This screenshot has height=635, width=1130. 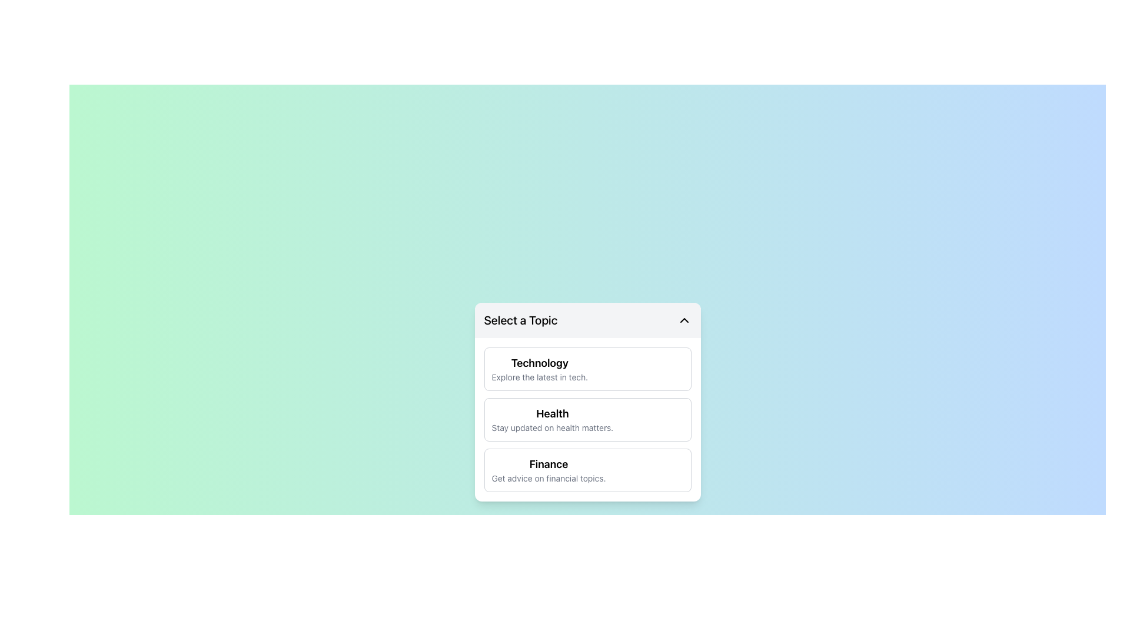 I want to click on the downward chevron icon with a black stroke located at the top-right corner of the 'Select a Topic' section header, so click(x=684, y=320).